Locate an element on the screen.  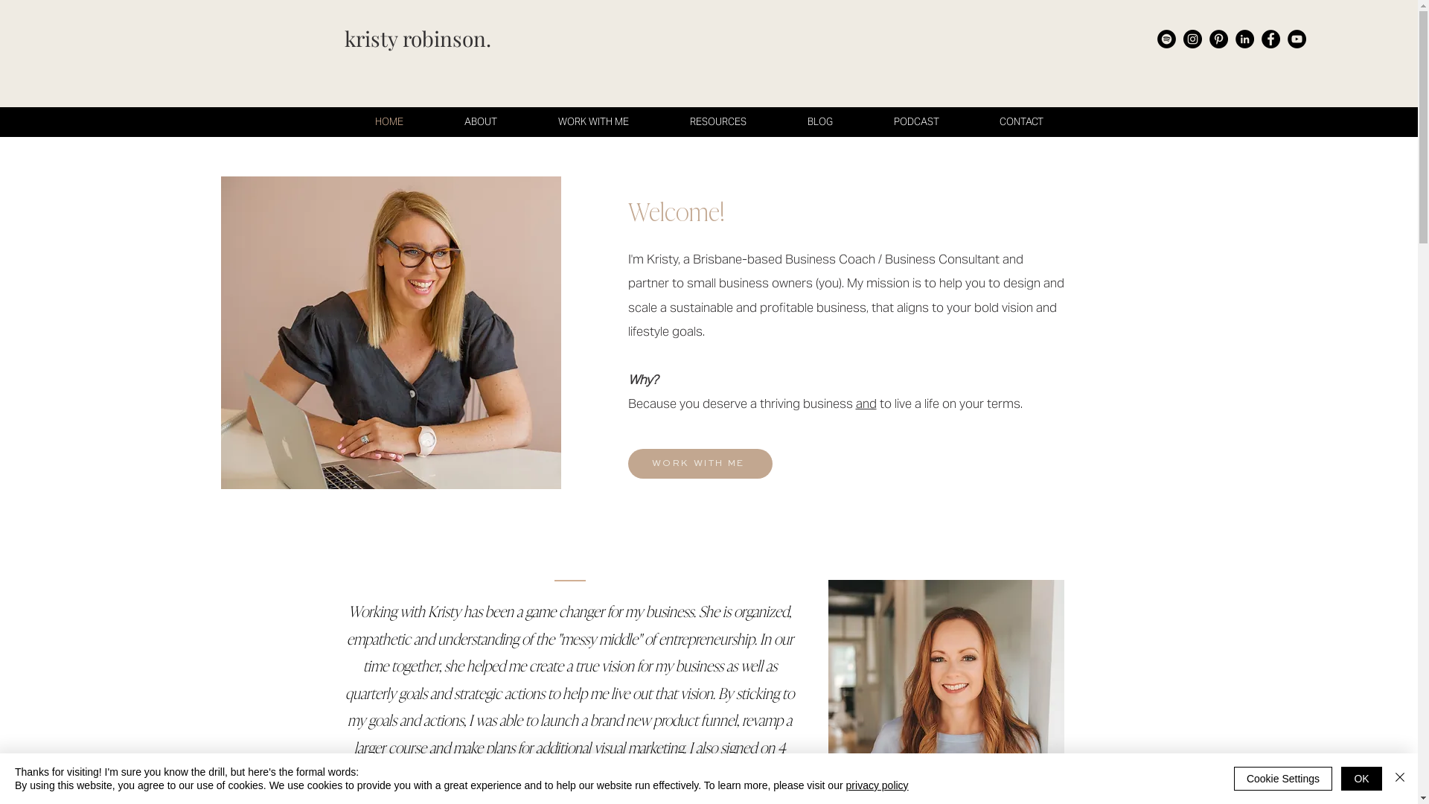
'CONTACT' is located at coordinates (968, 121).